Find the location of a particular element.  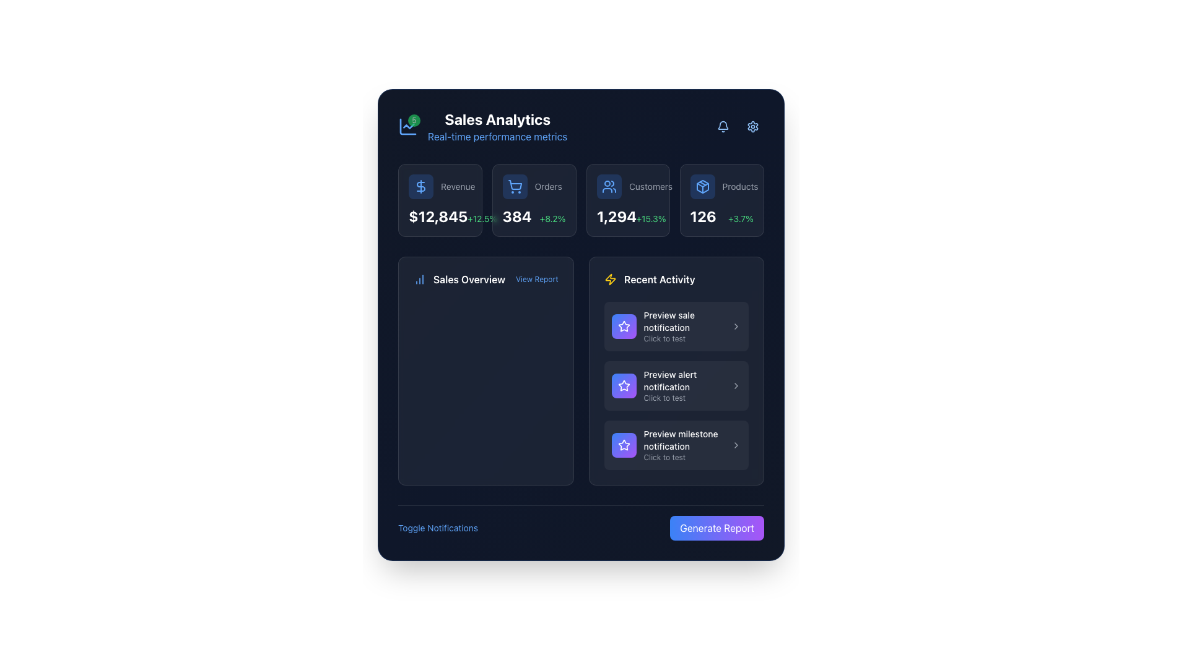

the small gray text label reading 'Click to test', which is positioned underneath the larger white text 'Preview alert notification' in the third notification box of the 'Recent Activity' section is located at coordinates (683, 398).